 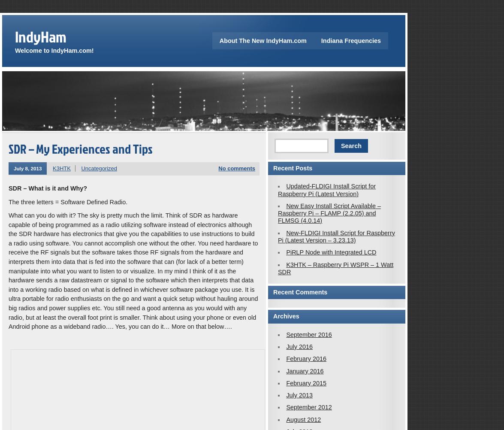 I want to click on 'Recent Posts', so click(x=292, y=168).